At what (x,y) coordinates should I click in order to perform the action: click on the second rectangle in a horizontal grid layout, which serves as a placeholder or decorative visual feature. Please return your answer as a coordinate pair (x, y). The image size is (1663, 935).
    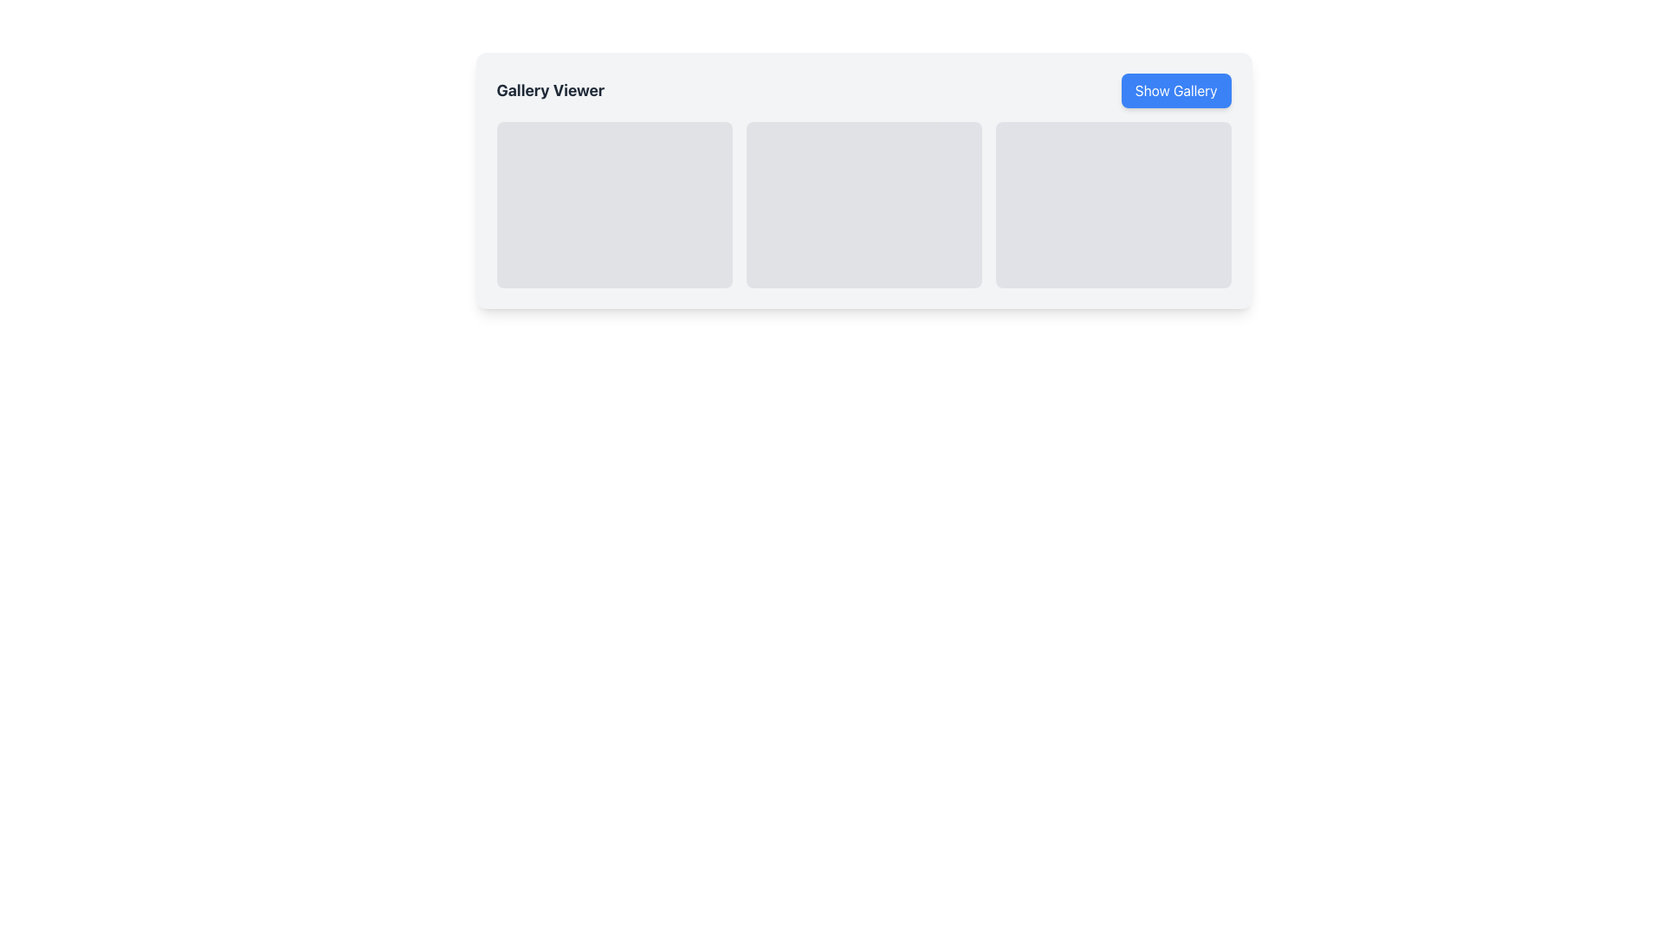
    Looking at the image, I should click on (864, 203).